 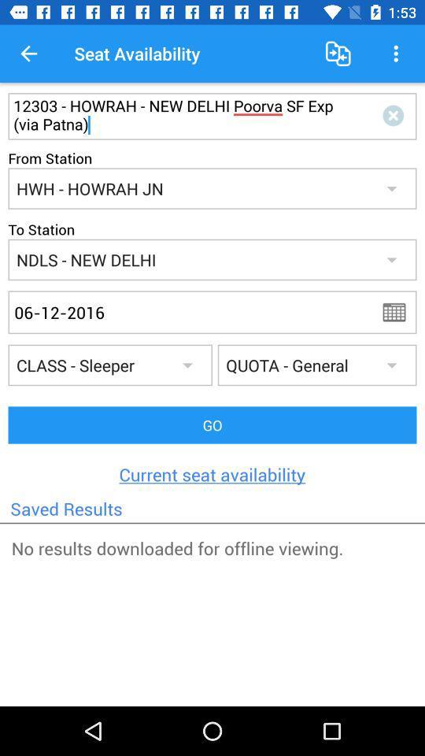 What do you see at coordinates (399, 311) in the screenshot?
I see `calendar menu` at bounding box center [399, 311].